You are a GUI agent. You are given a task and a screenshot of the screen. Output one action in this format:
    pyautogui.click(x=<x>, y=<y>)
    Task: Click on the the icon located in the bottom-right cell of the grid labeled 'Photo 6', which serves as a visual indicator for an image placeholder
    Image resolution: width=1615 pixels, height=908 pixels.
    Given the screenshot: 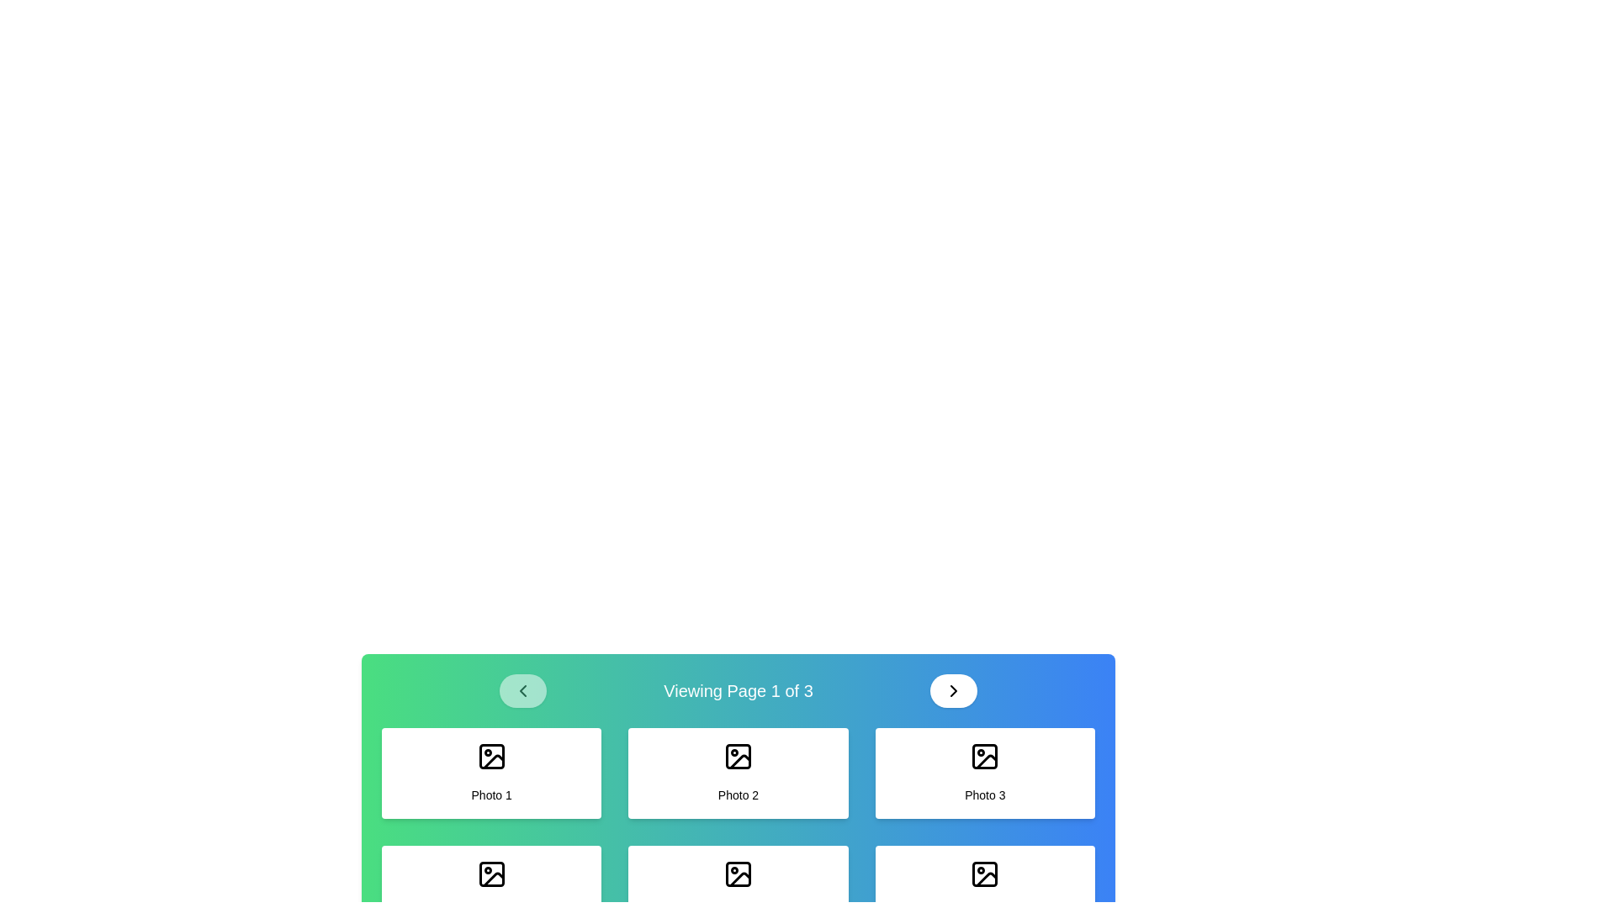 What is the action you would take?
    pyautogui.click(x=985, y=874)
    